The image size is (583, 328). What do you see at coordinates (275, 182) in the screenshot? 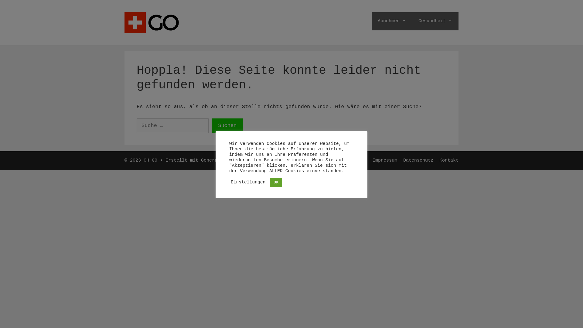
I see `'OK'` at bounding box center [275, 182].